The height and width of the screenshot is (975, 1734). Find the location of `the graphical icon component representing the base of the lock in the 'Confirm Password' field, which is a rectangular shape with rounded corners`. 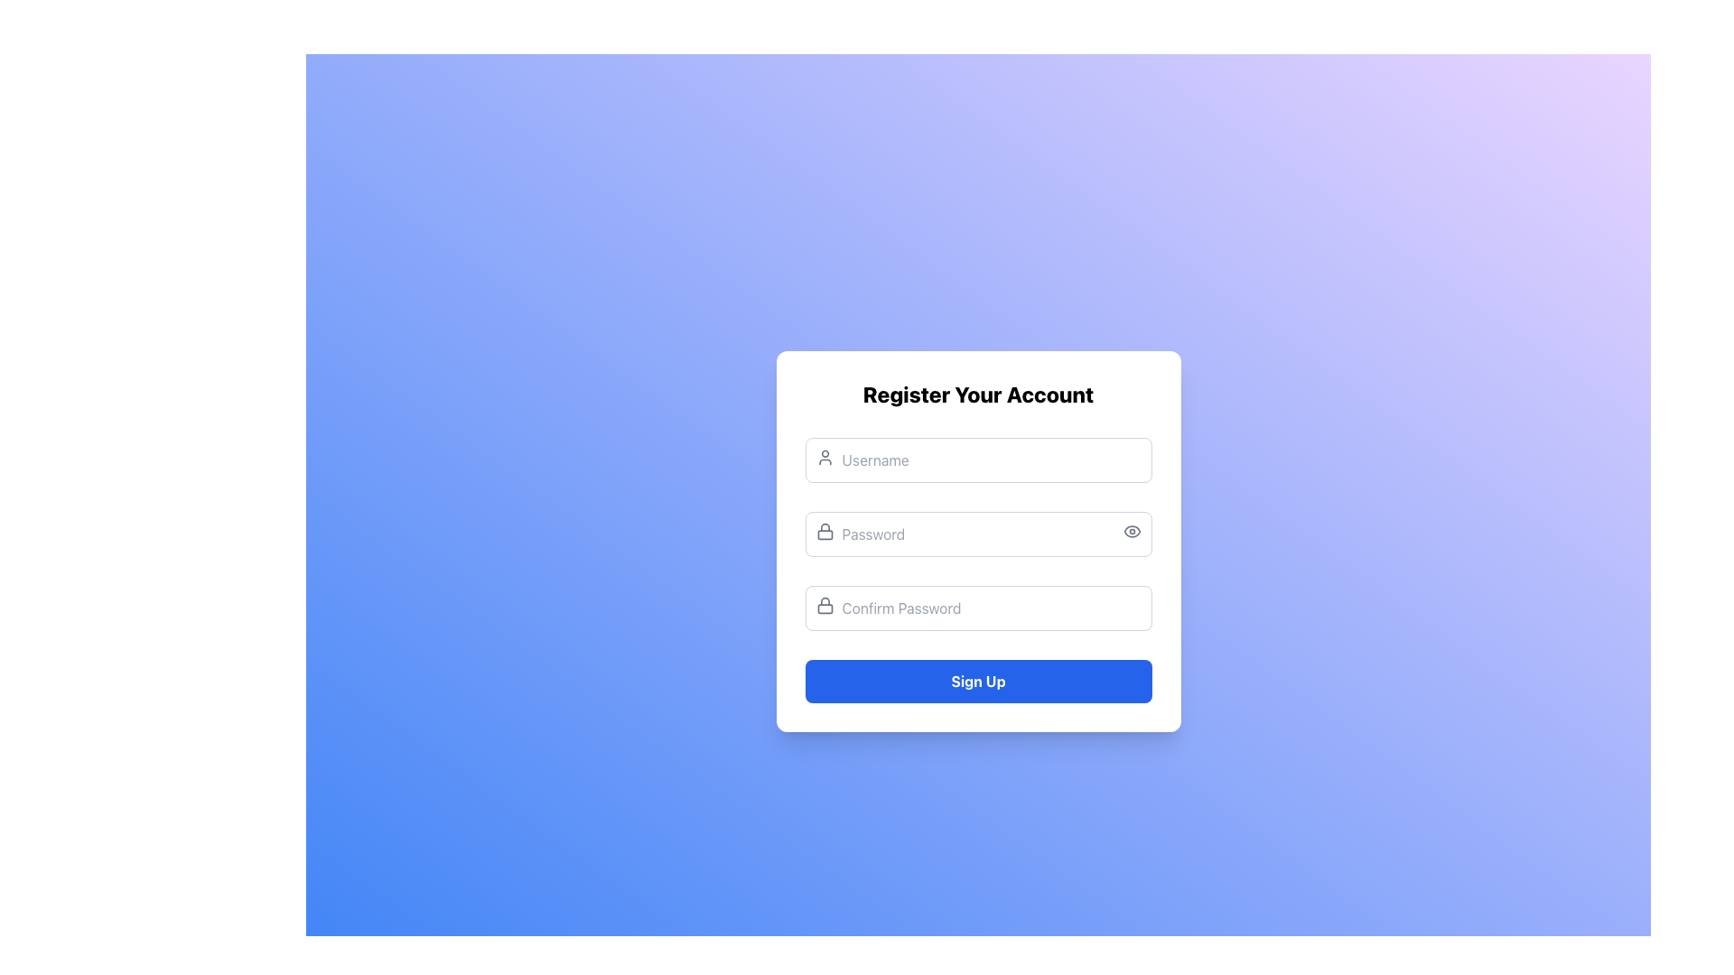

the graphical icon component representing the base of the lock in the 'Confirm Password' field, which is a rectangular shape with rounded corners is located at coordinates (824, 608).